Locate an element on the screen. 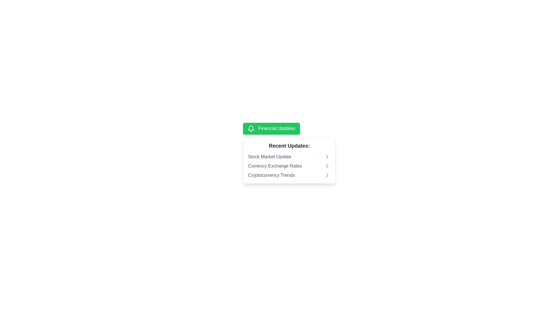 The height and width of the screenshot is (312, 556). the 'Currency Exchange Rates' row item with a navigation arrow in the list of recent updates is located at coordinates (289, 166).